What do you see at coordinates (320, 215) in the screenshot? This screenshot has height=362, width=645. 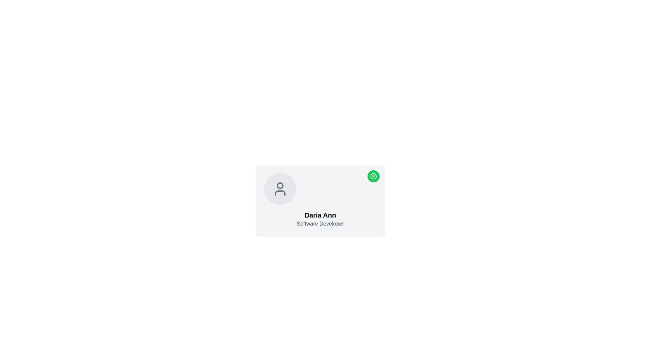 I see `the text label element displaying the name 'Daria Ann', which is styled in bold and large font, located centrally above the text 'Software Developer'` at bounding box center [320, 215].